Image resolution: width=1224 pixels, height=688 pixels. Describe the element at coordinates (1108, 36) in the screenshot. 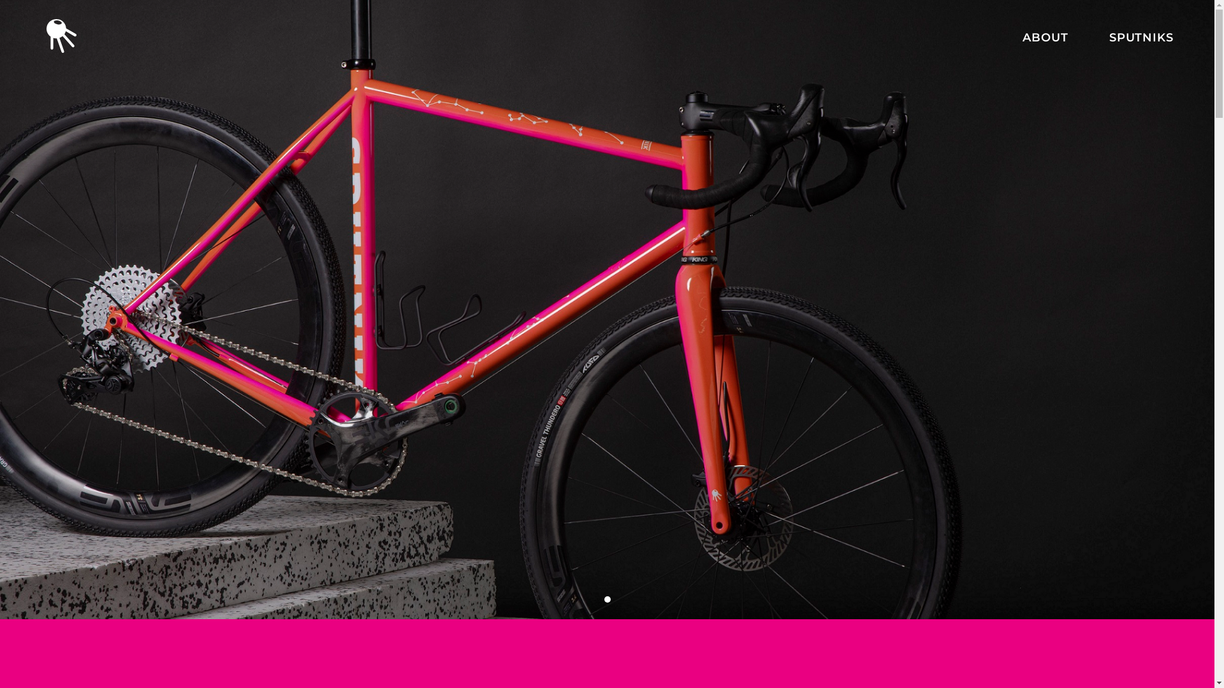

I see `'SPUTNIKS'` at that location.